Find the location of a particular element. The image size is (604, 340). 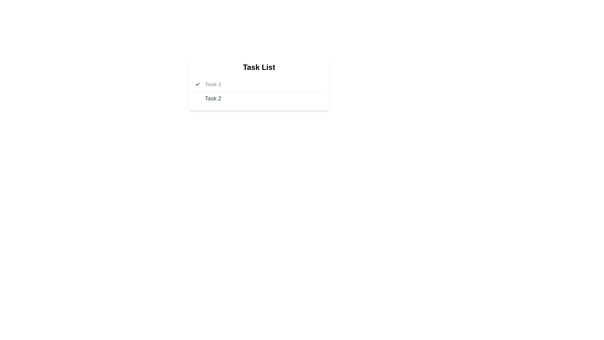

the static text component displaying 'Task 1' with a strikethrough style, indicating it as a completed task is located at coordinates (213, 84).